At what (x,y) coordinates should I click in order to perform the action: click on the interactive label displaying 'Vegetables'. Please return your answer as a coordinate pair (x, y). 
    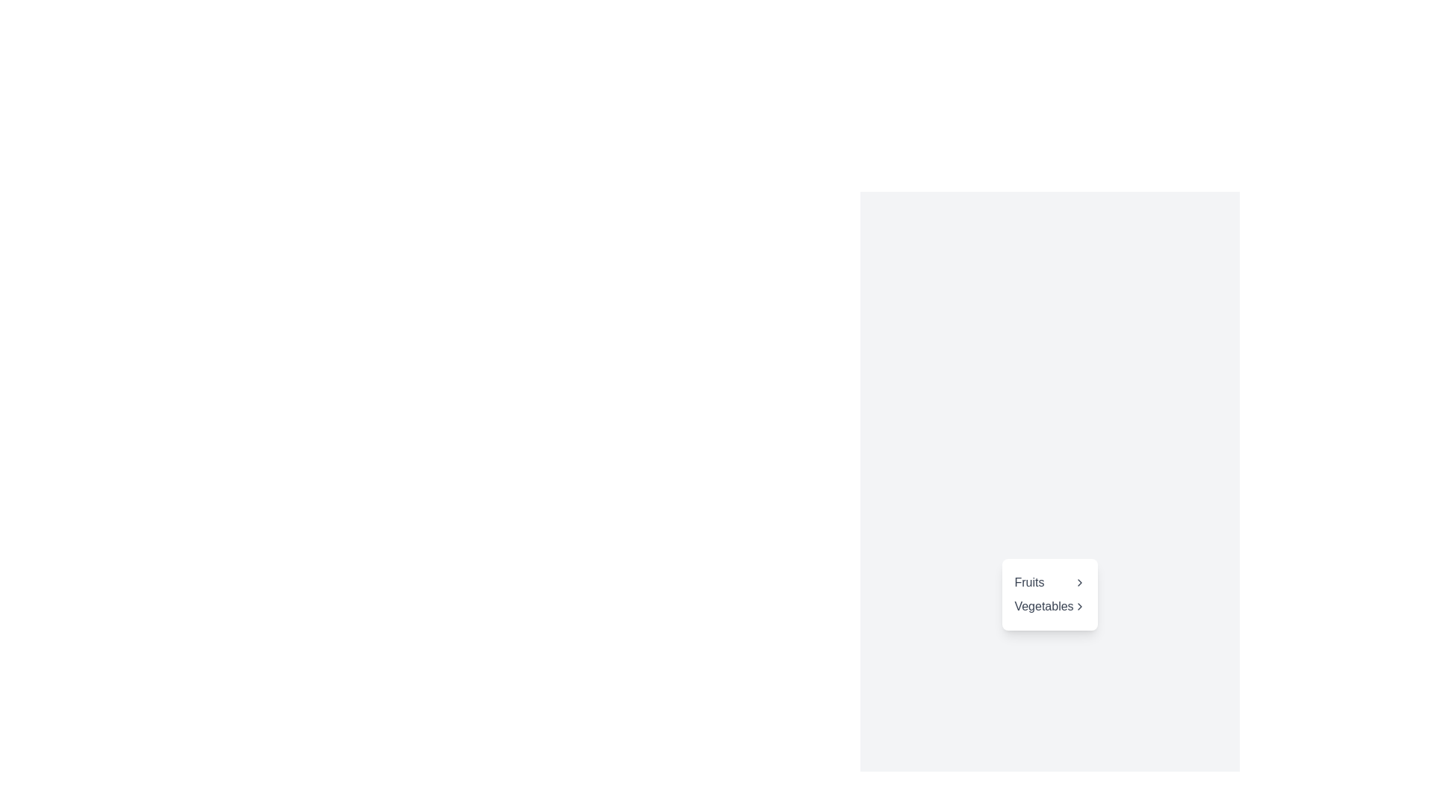
    Looking at the image, I should click on (1049, 607).